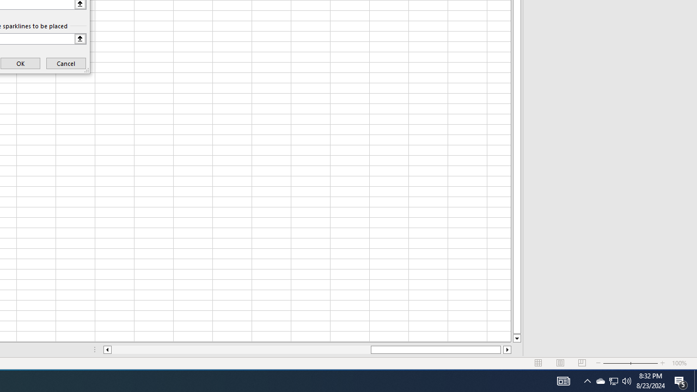 The width and height of the screenshot is (697, 392). I want to click on 'Zoom In', so click(662, 363).